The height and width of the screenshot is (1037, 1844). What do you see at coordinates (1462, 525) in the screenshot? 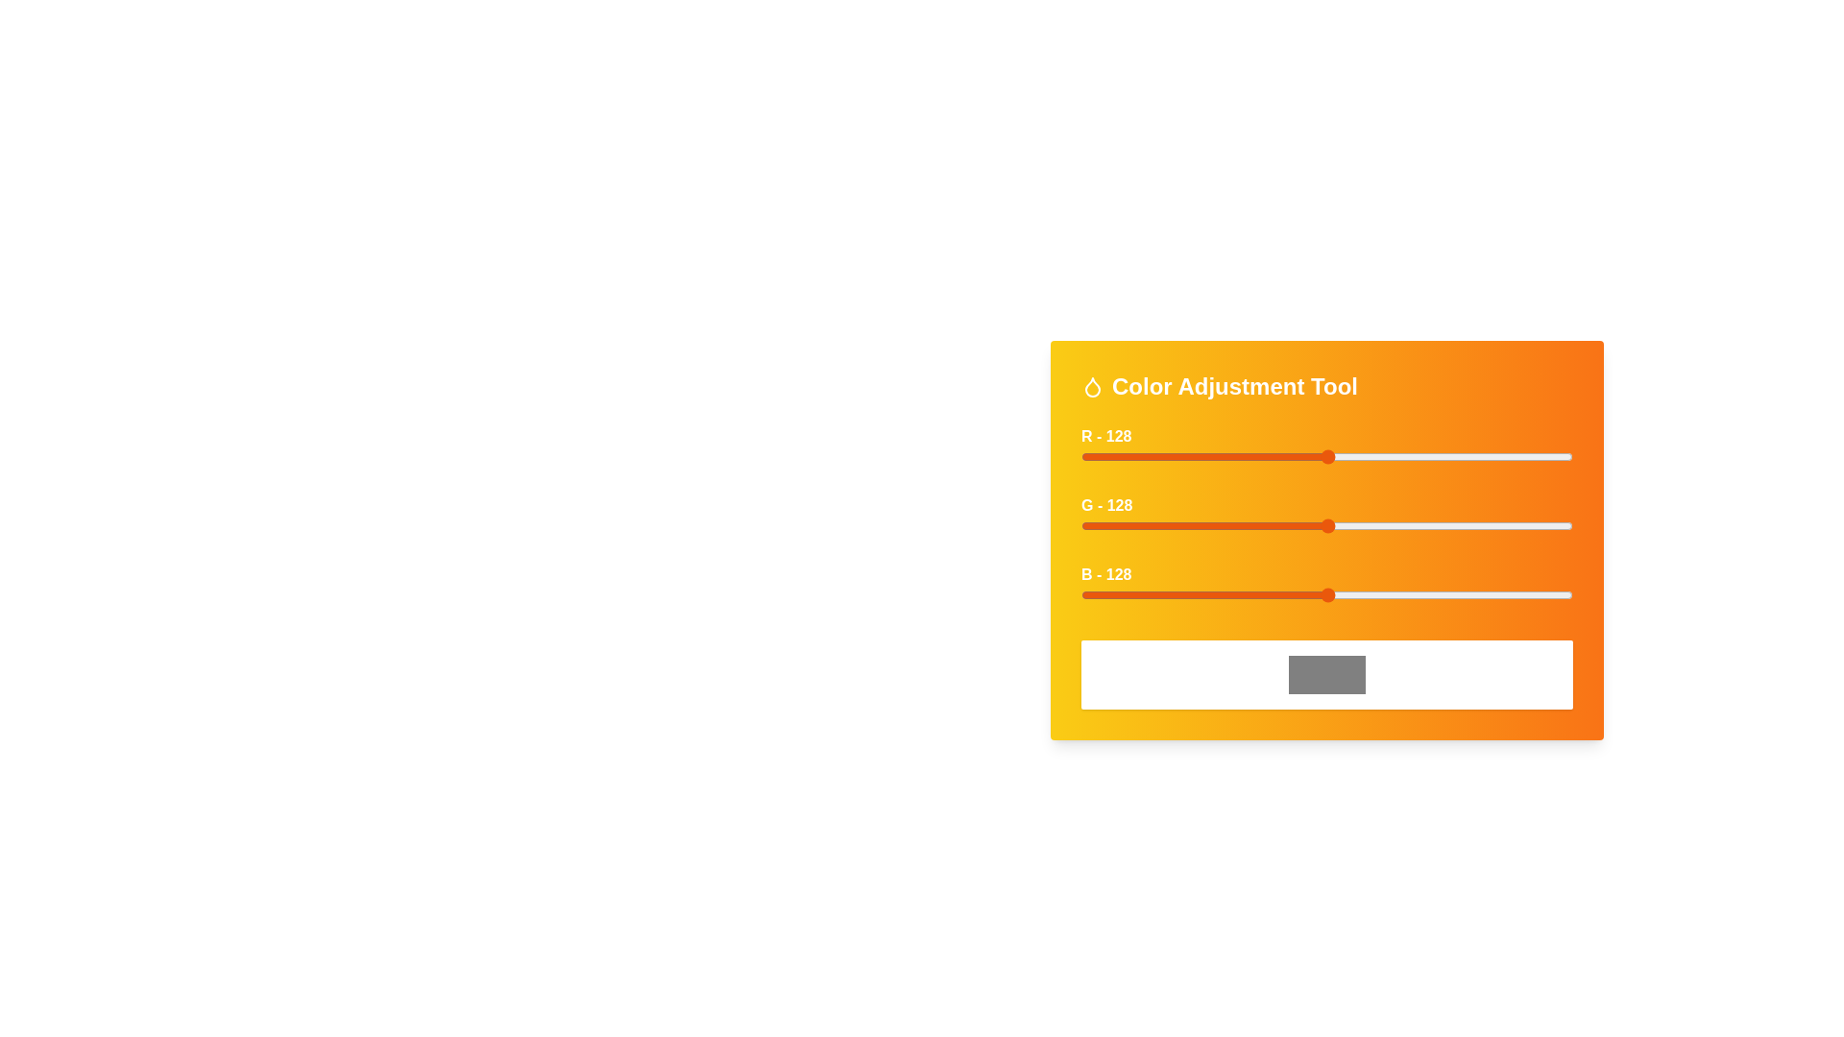
I see `the green slider to set the green intensity to 198` at bounding box center [1462, 525].